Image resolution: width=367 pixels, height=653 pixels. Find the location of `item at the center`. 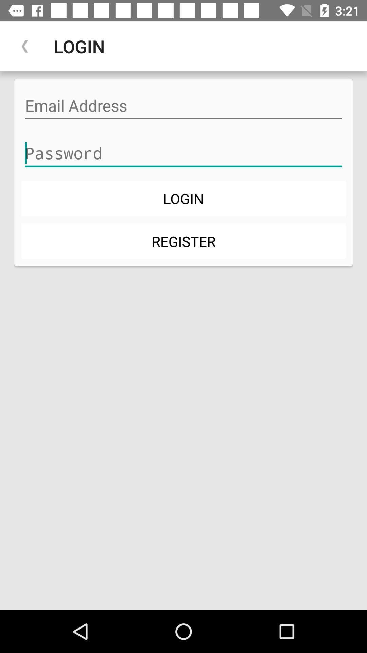

item at the center is located at coordinates (183, 241).